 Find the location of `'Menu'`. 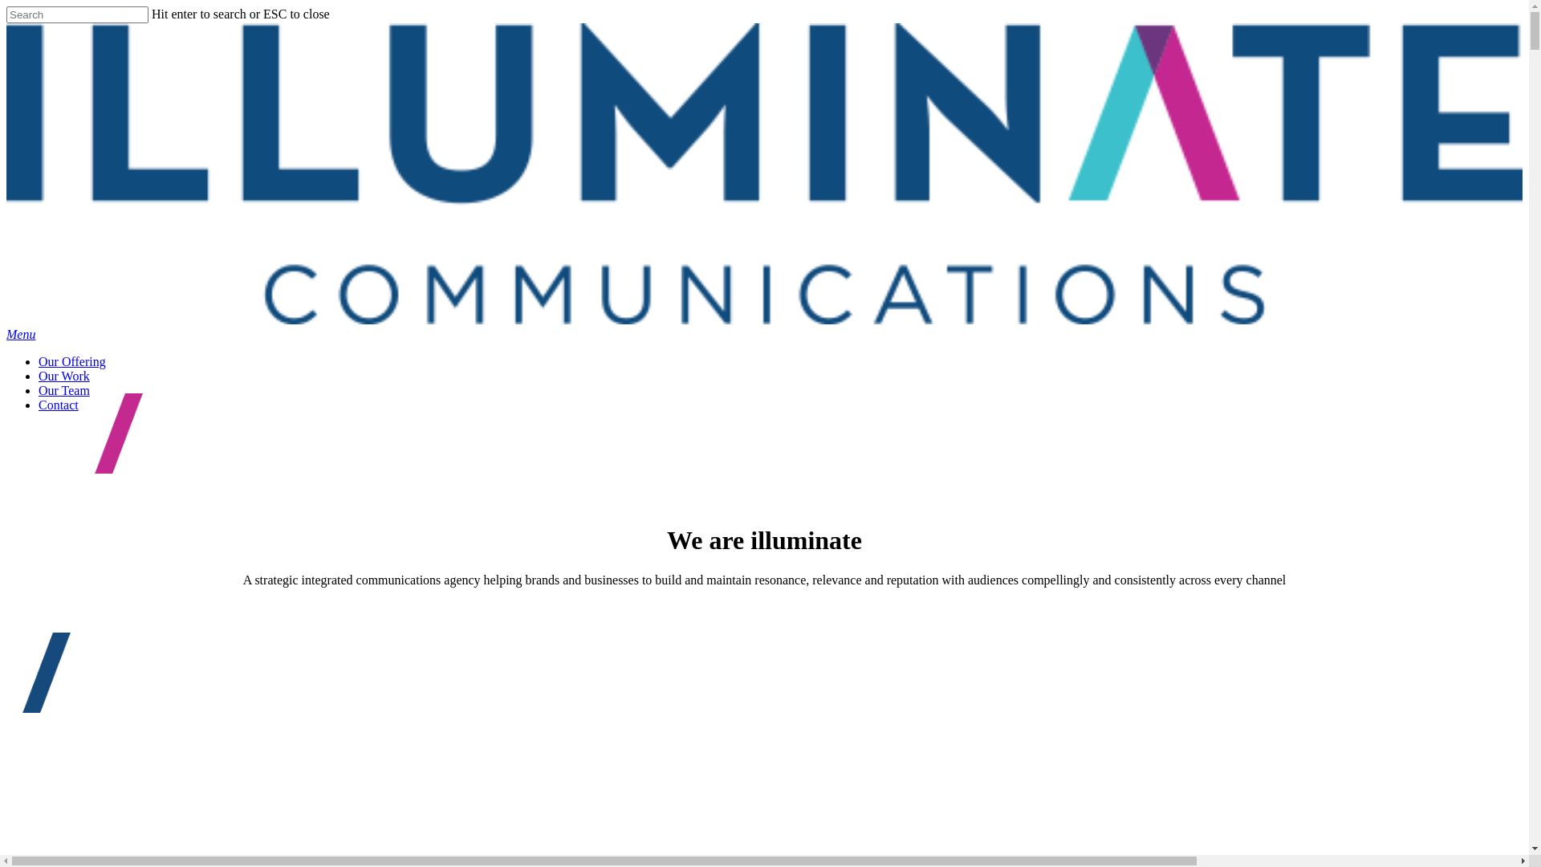

'Menu' is located at coordinates (6, 333).